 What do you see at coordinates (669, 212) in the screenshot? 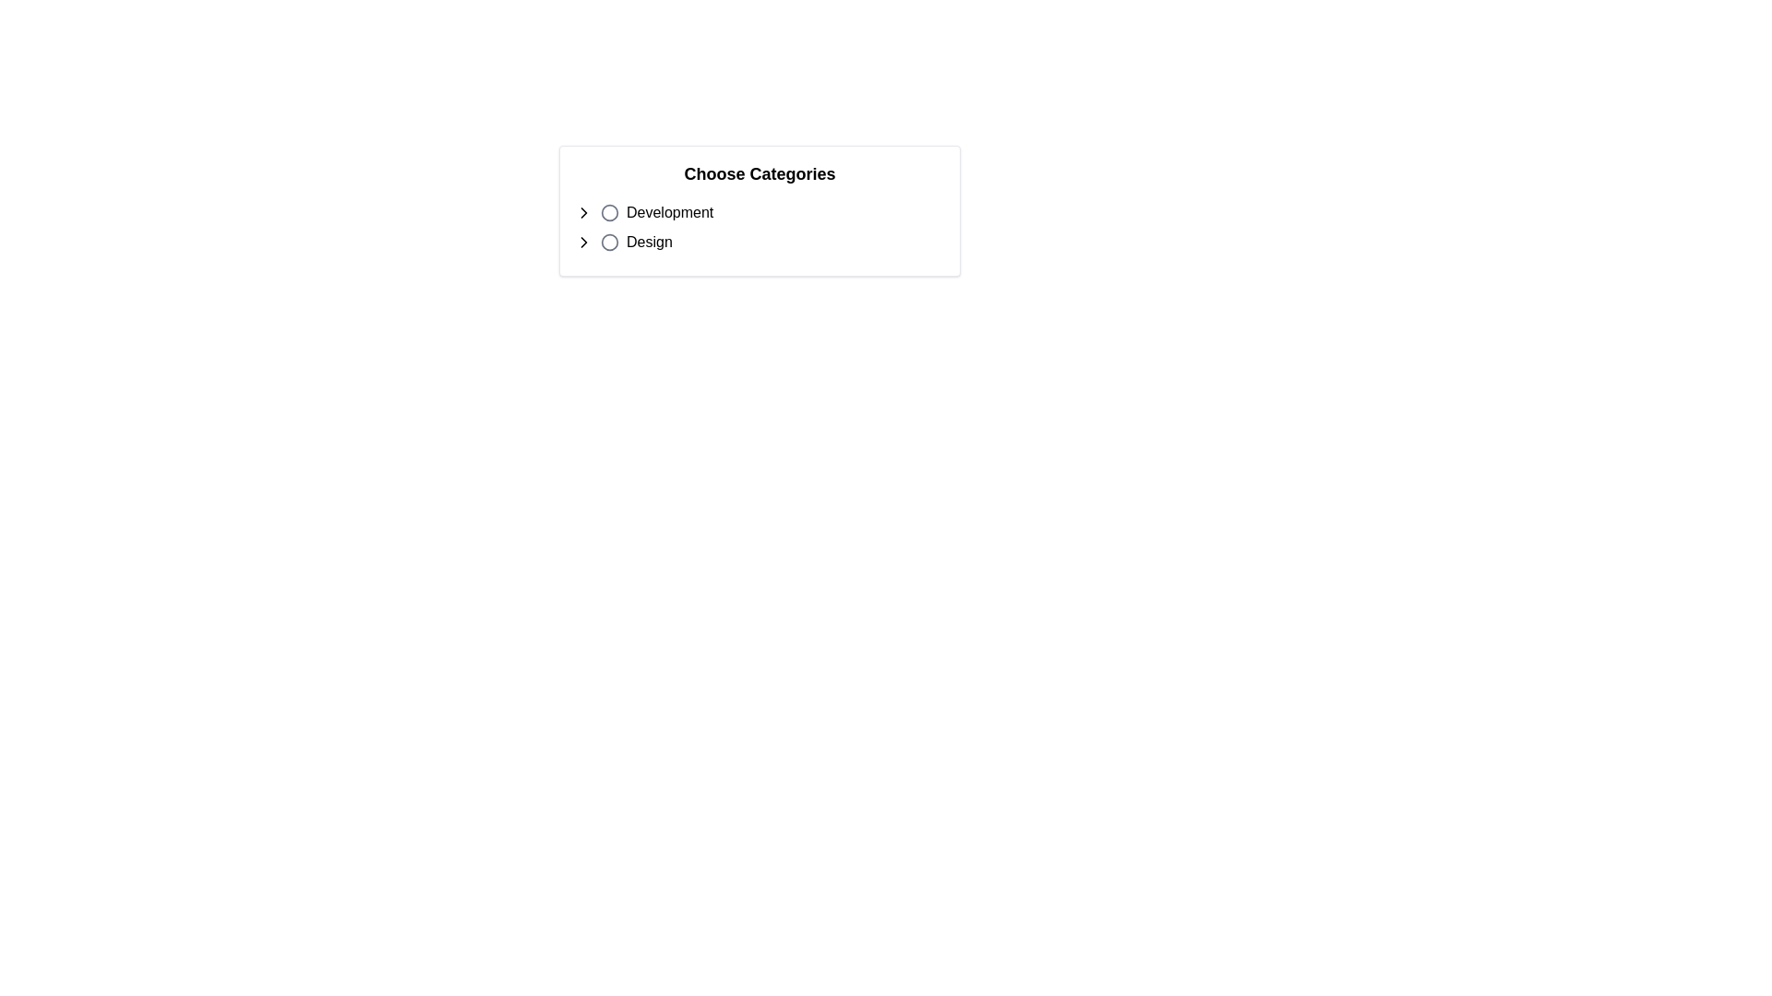
I see `the static text labeling the first selectable option under the 'Choose Categories' header` at bounding box center [669, 212].